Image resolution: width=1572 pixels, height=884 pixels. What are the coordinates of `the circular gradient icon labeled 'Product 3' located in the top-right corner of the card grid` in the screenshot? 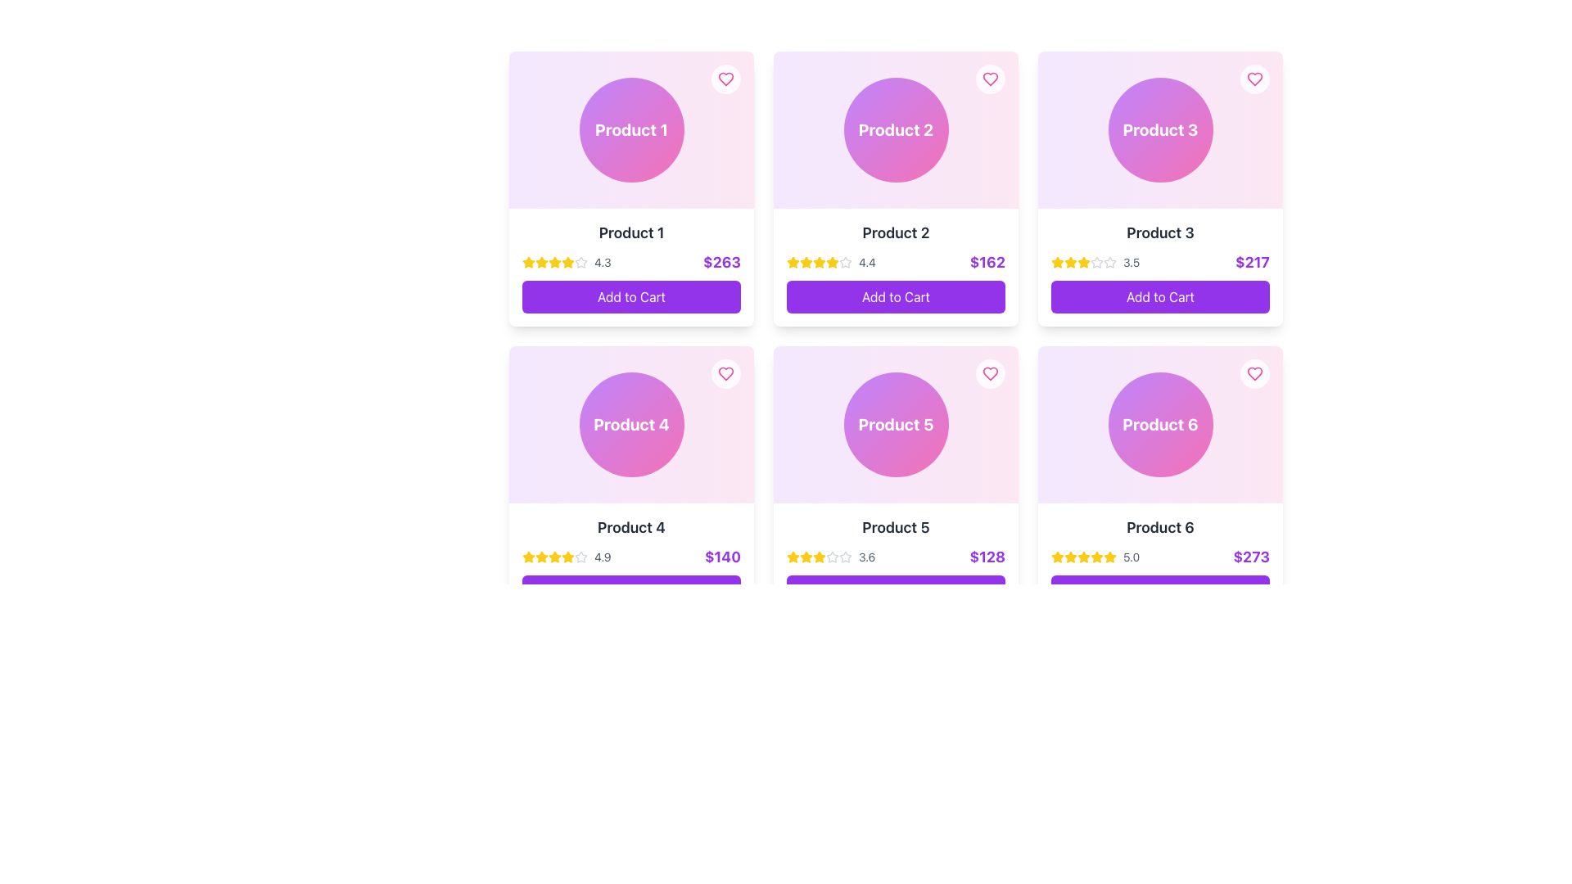 It's located at (1159, 129).